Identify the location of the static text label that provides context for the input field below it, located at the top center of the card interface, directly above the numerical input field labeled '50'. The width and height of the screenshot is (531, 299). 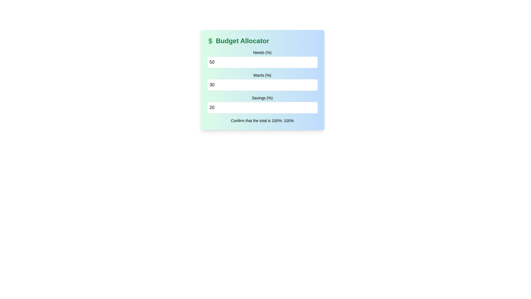
(262, 52).